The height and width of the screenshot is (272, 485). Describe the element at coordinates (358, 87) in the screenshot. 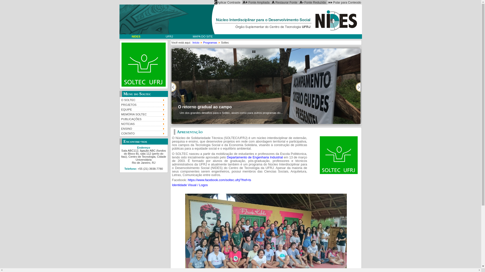

I see `'Next'` at that location.